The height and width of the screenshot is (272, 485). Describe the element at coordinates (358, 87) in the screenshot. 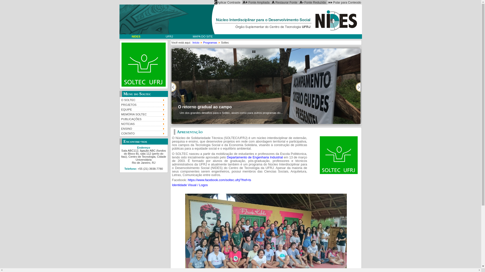

I see `'Next'` at that location.